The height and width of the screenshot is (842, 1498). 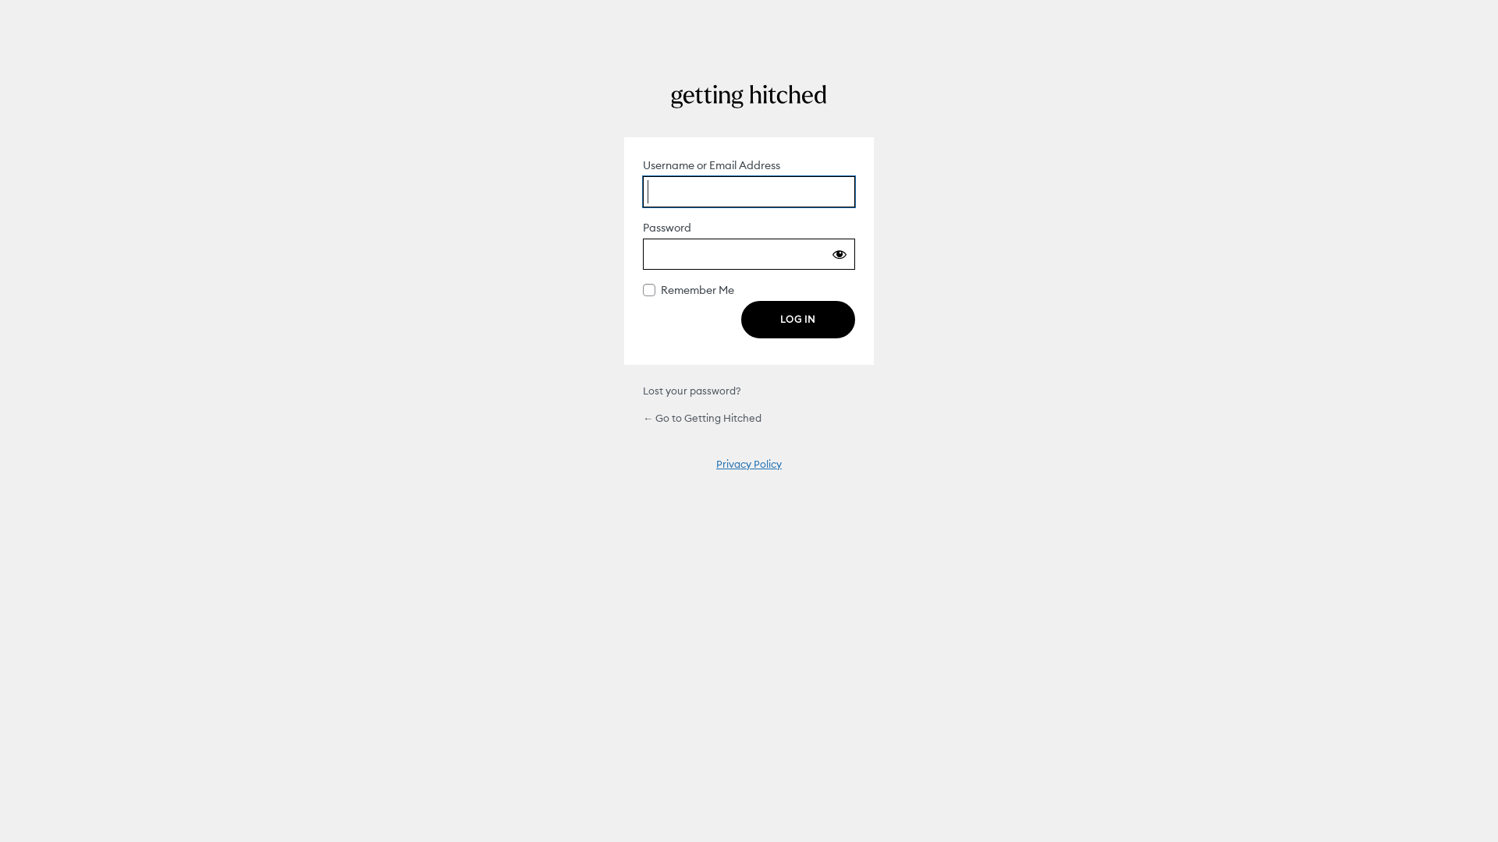 I want to click on 'Lost your password?', so click(x=691, y=390).